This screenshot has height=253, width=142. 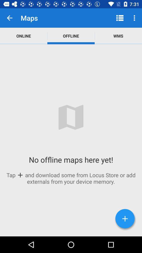 I want to click on the add icon, so click(x=125, y=218).